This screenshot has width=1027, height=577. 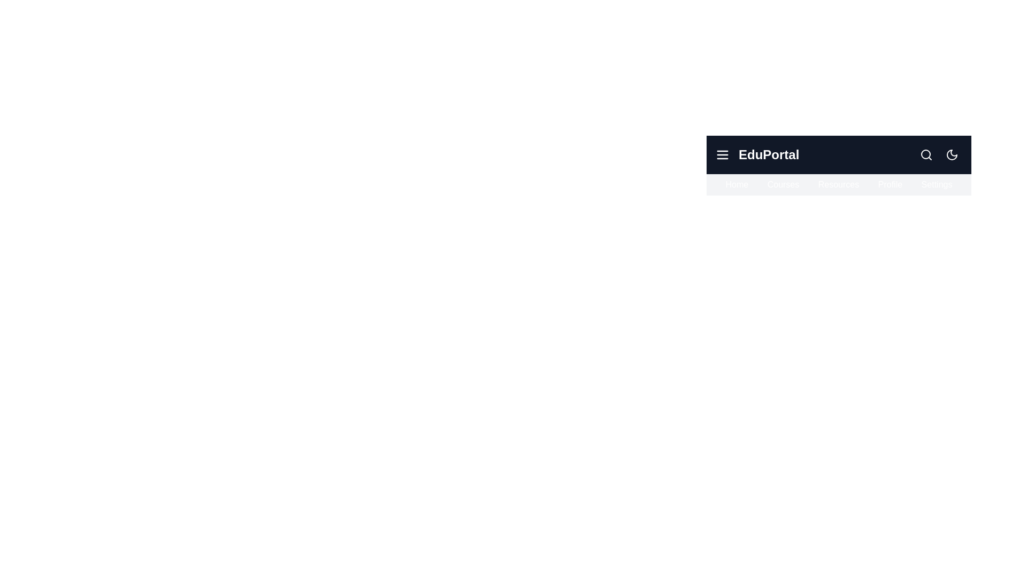 I want to click on the navigation item Resources to highlight it, so click(x=838, y=184).